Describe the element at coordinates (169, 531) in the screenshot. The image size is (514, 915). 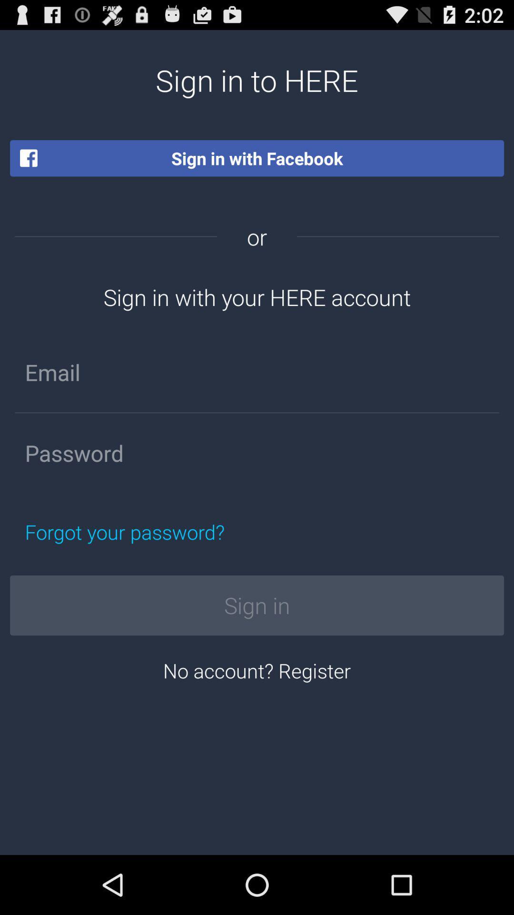
I see `the icon above sign in item` at that location.